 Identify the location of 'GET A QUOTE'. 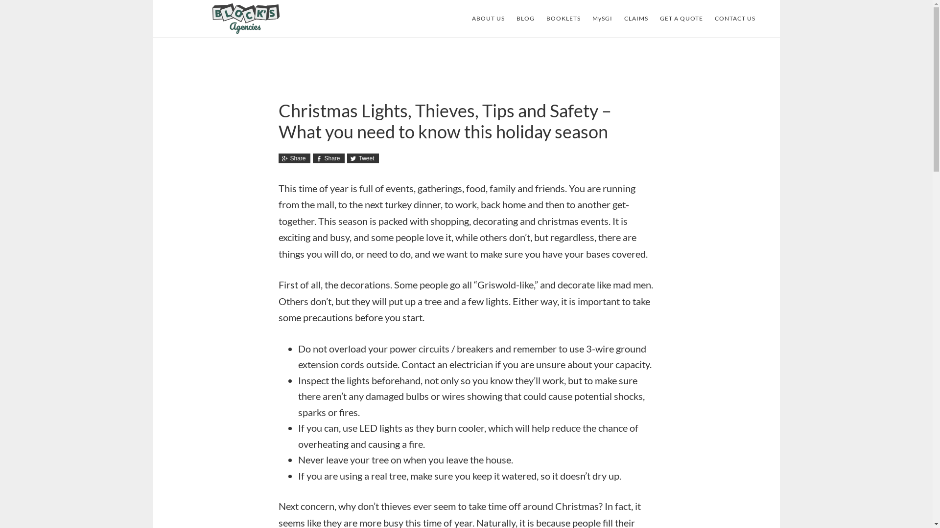
(681, 19).